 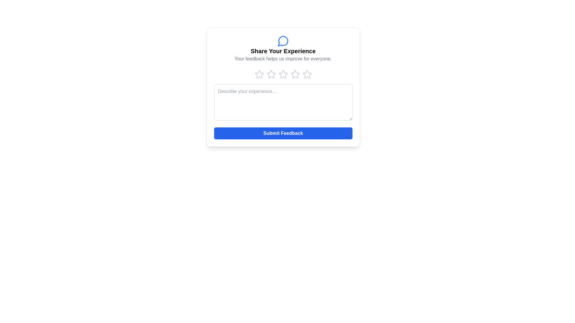 What do you see at coordinates (307, 74) in the screenshot?
I see `the fourth star icon in the rating section of the feedback card, which allows users to rate an experience with four stars` at bounding box center [307, 74].